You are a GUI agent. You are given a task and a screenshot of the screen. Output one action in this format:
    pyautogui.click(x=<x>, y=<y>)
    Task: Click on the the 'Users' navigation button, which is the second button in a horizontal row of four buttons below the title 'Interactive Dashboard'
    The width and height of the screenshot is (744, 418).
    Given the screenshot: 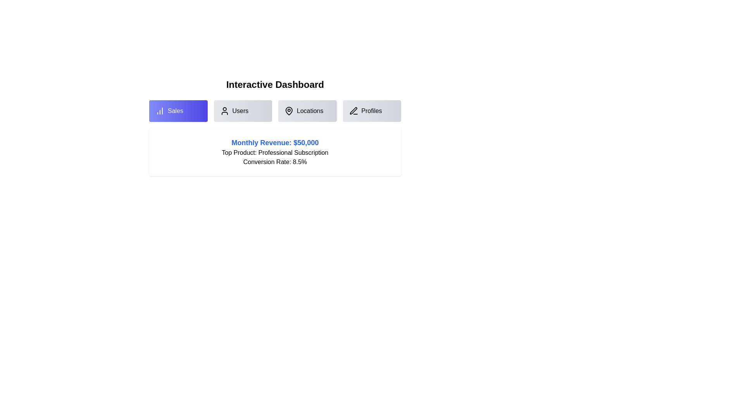 What is the action you would take?
    pyautogui.click(x=242, y=111)
    